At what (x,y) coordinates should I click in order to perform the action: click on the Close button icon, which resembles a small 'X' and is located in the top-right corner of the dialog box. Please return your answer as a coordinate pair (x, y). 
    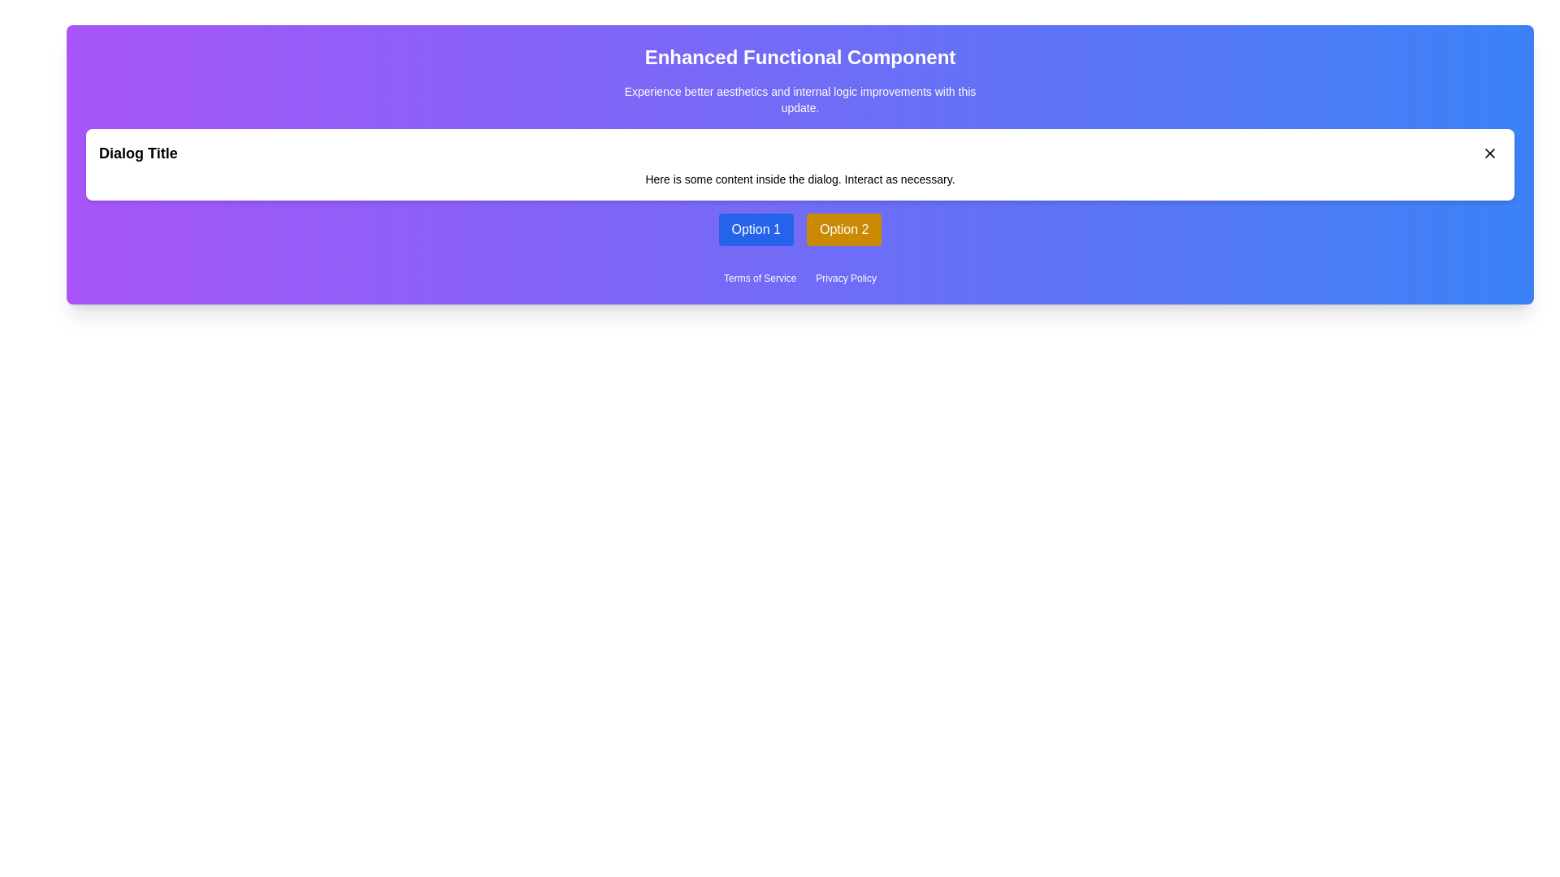
    Looking at the image, I should click on (1489, 153).